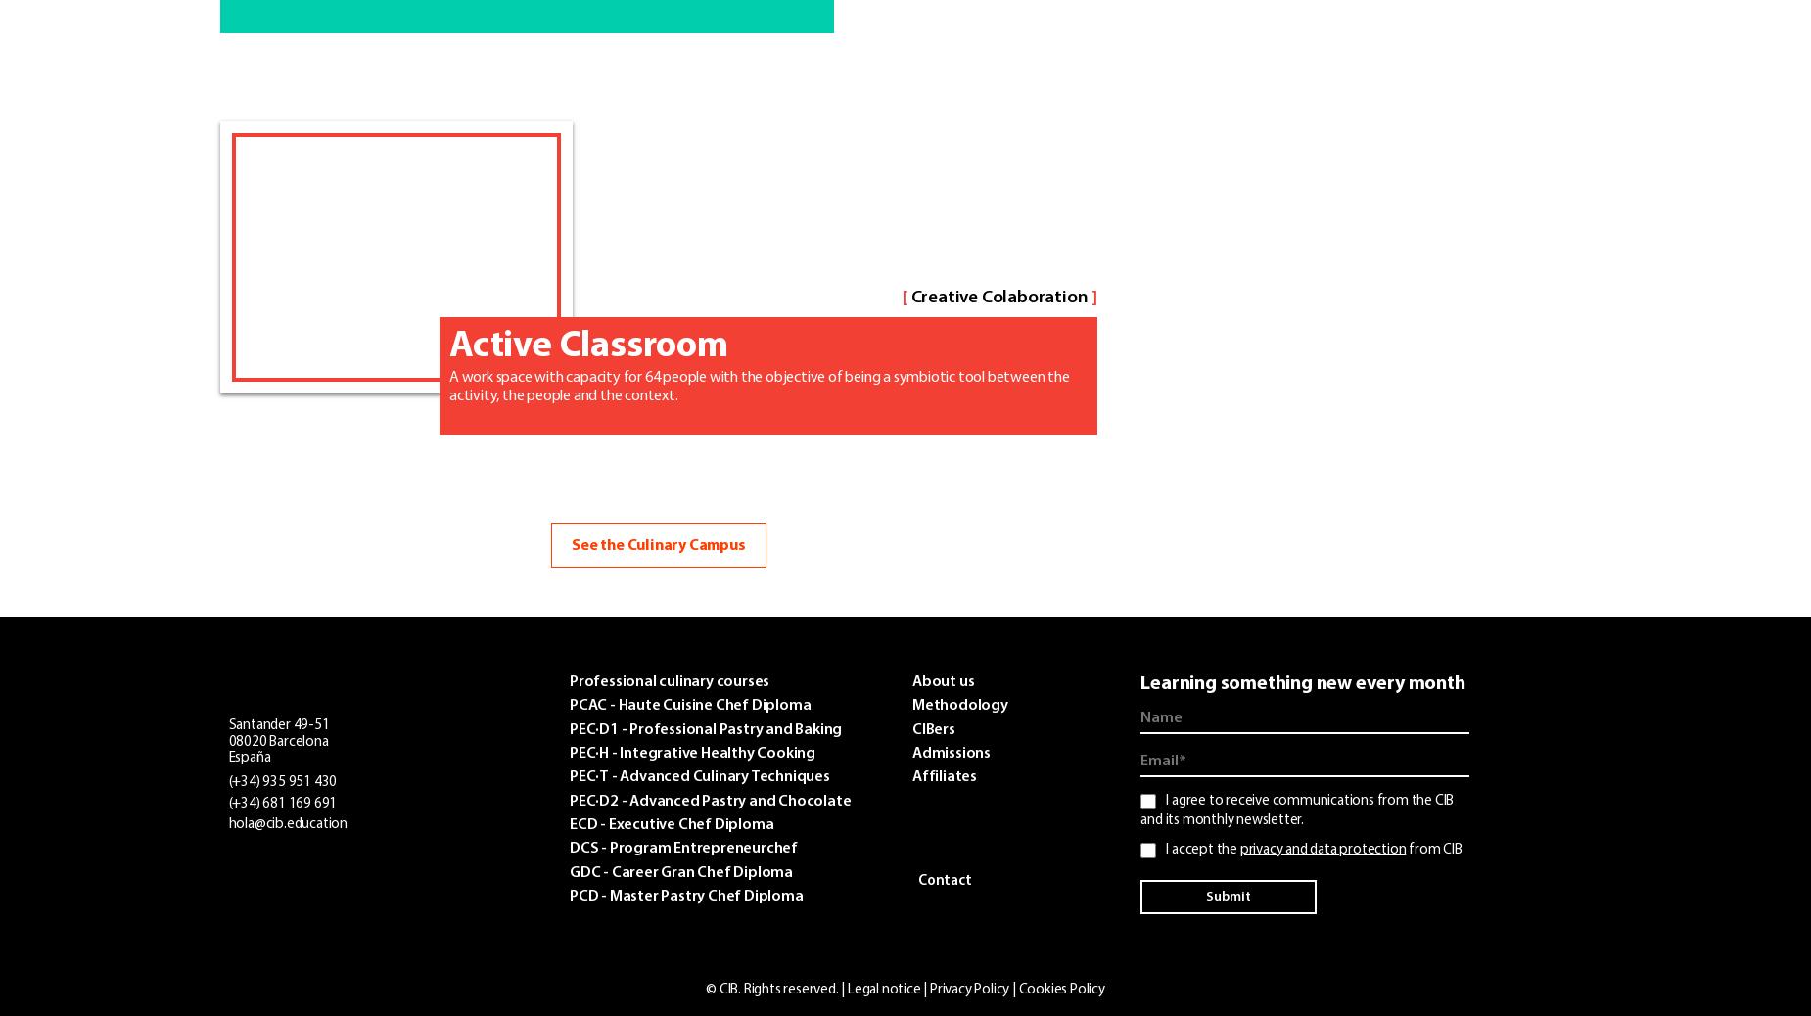 Image resolution: width=1811 pixels, height=1016 pixels. I want to click on '[', so click(901, 297).